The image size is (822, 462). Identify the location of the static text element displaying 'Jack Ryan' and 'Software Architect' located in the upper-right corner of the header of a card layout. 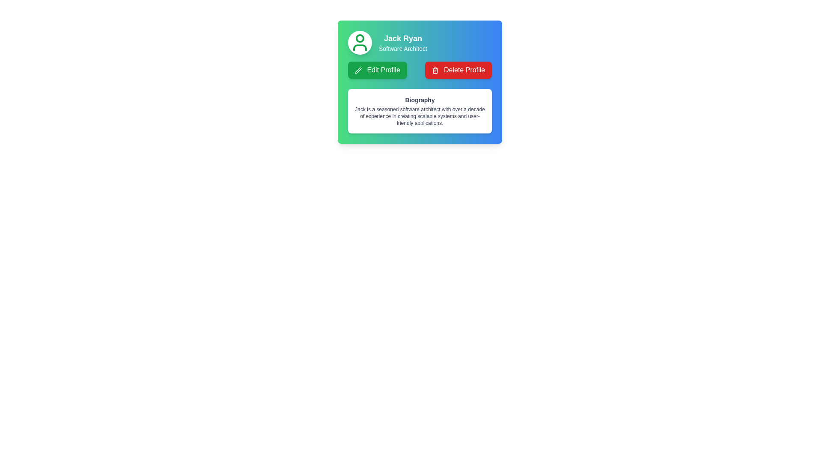
(402, 43).